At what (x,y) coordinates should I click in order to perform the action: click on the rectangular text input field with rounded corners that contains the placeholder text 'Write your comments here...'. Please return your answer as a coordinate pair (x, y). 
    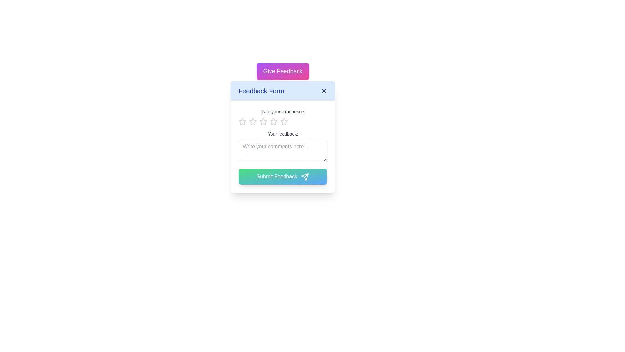
    Looking at the image, I should click on (283, 151).